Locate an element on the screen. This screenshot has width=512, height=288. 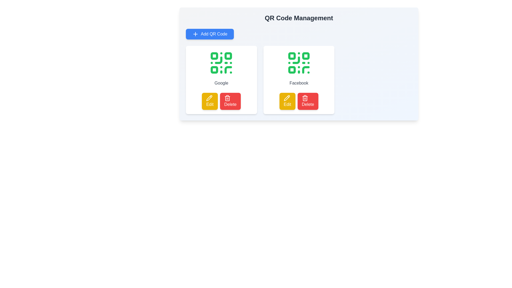
the rectangular 'Edit' button with a yellow background and white text, featuring a pencil icon, located under the 'Facebook' QR code and next to the 'Delete' button is located at coordinates (287, 101).